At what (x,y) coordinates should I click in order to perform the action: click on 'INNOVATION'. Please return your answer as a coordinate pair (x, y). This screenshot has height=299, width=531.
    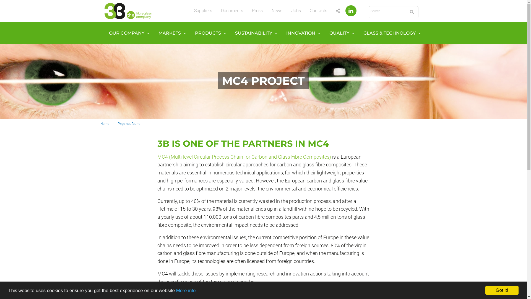
    Looking at the image, I should click on (301, 33).